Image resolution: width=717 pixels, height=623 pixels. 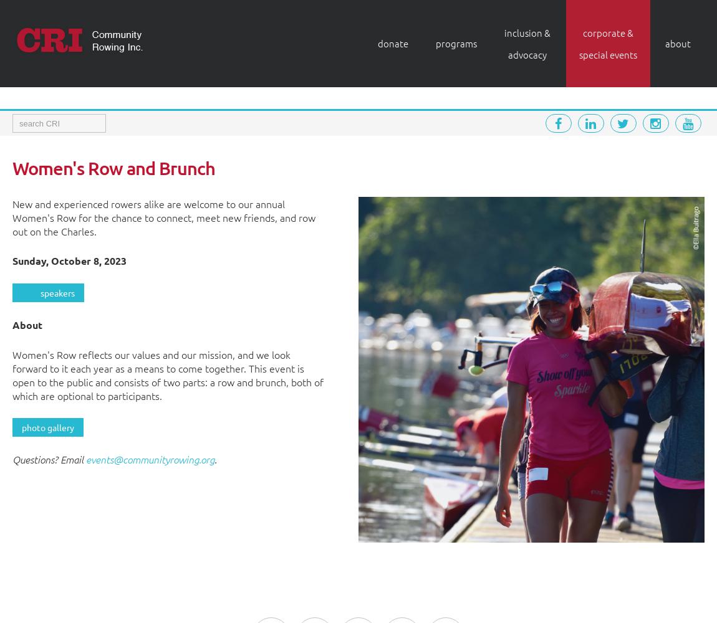 I want to click on 'events@communityrowing.org', so click(x=85, y=459).